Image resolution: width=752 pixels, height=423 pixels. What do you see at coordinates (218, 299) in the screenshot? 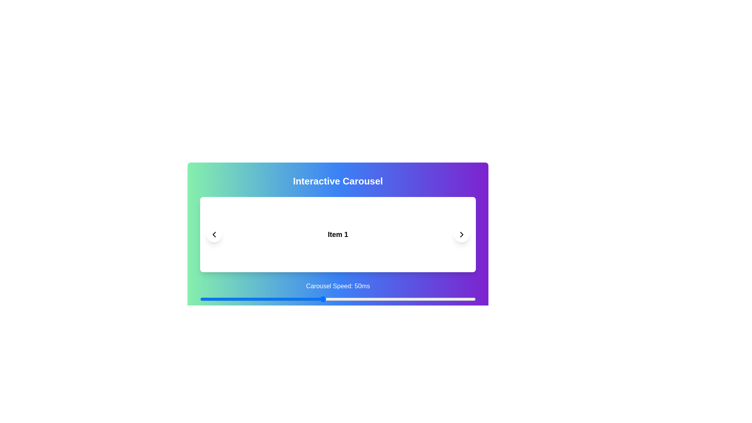
I see `the carousel speed to 16 ms using the slider` at bounding box center [218, 299].